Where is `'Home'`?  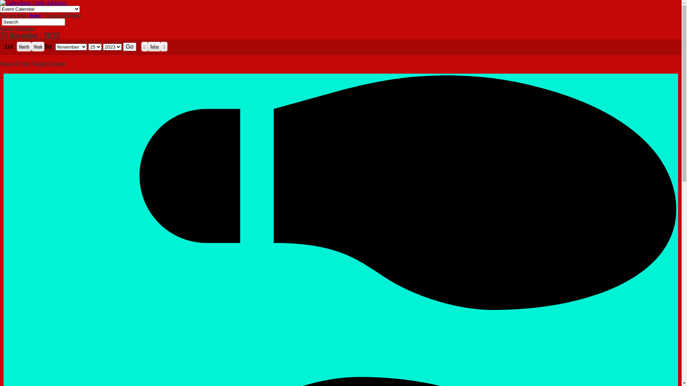
'Home' is located at coordinates (34, 15).